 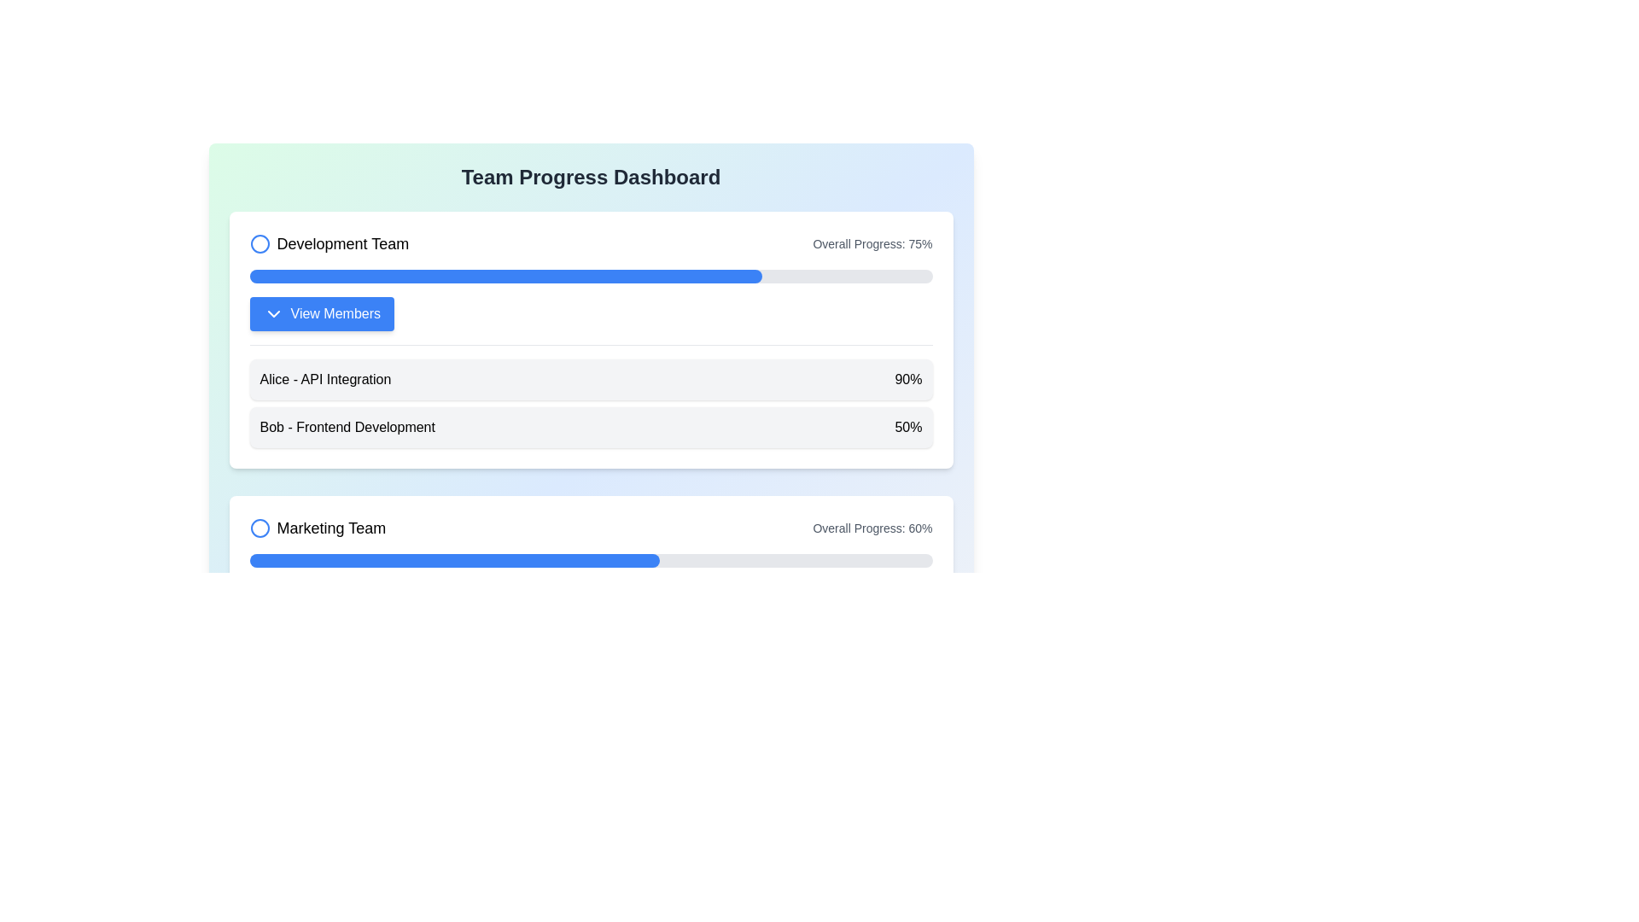 What do you see at coordinates (872, 527) in the screenshot?
I see `the static text label displaying 'Overall Progress: 60%' located in the top-right corner of the Marketing Team summary` at bounding box center [872, 527].